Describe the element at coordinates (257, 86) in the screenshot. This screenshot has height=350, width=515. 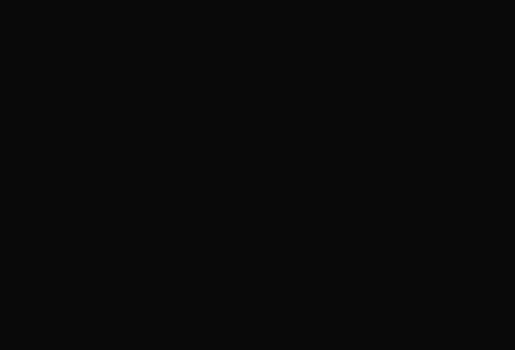
I see `'Your downtown danceteria since 1970'` at that location.